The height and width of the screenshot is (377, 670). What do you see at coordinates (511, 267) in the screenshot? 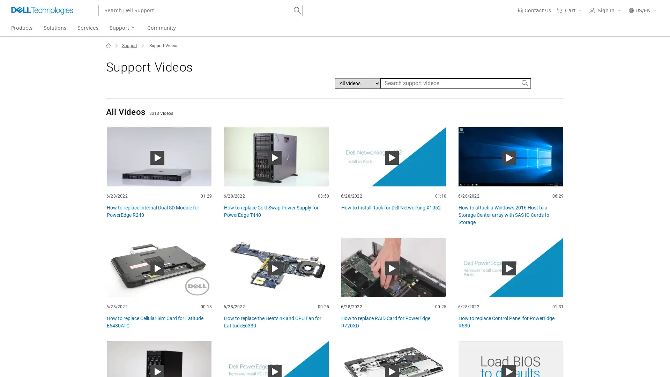
I see `How to replace Control Panel for PowerEdge R630 Play` at bounding box center [511, 267].